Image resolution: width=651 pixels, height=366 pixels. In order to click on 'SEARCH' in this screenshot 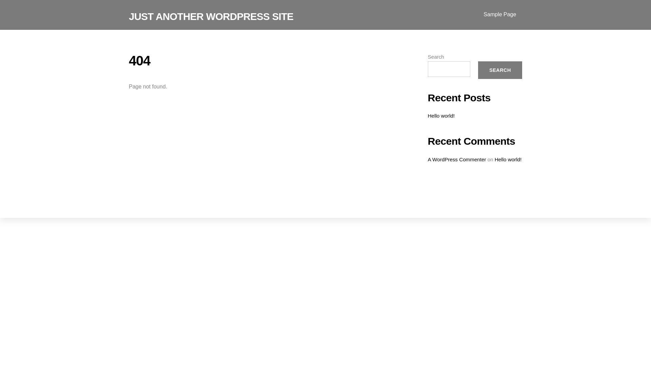, I will do `click(500, 70)`.